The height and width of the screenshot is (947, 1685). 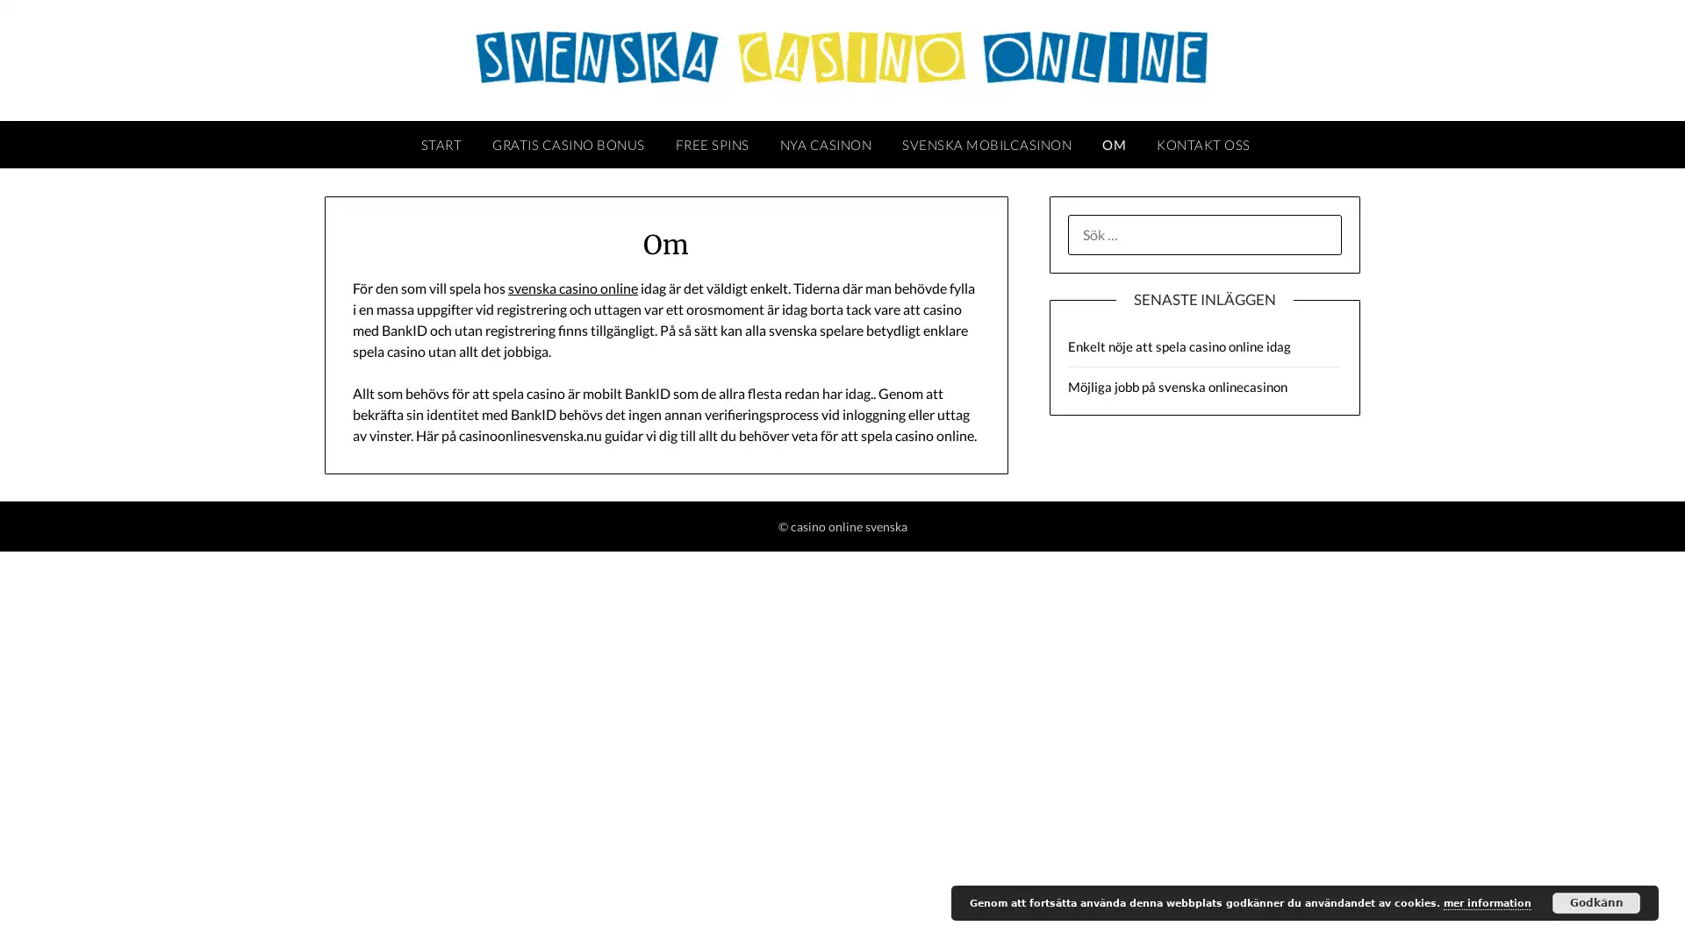 I want to click on Godkann, so click(x=1596, y=902).